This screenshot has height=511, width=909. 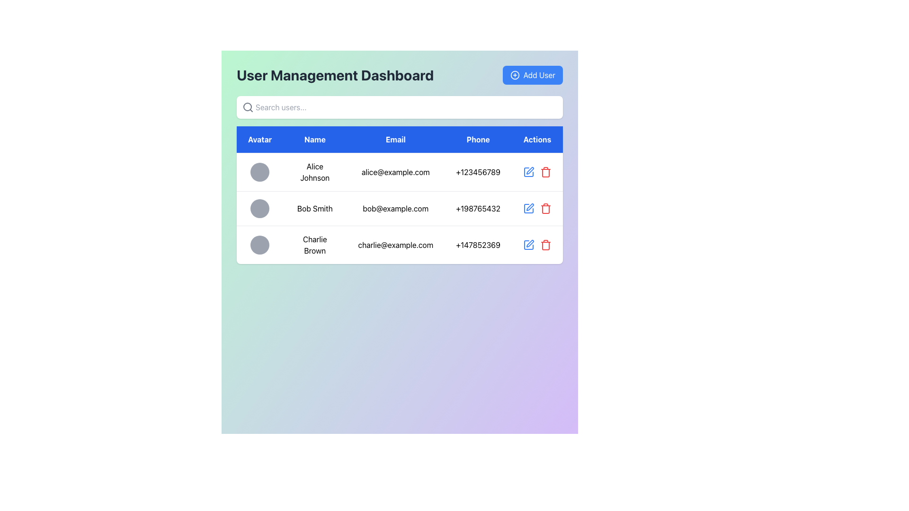 What do you see at coordinates (478, 140) in the screenshot?
I see `the 'Phone' header label in the user management dashboard, which indicates the data below corresponds to phone numbers of users` at bounding box center [478, 140].